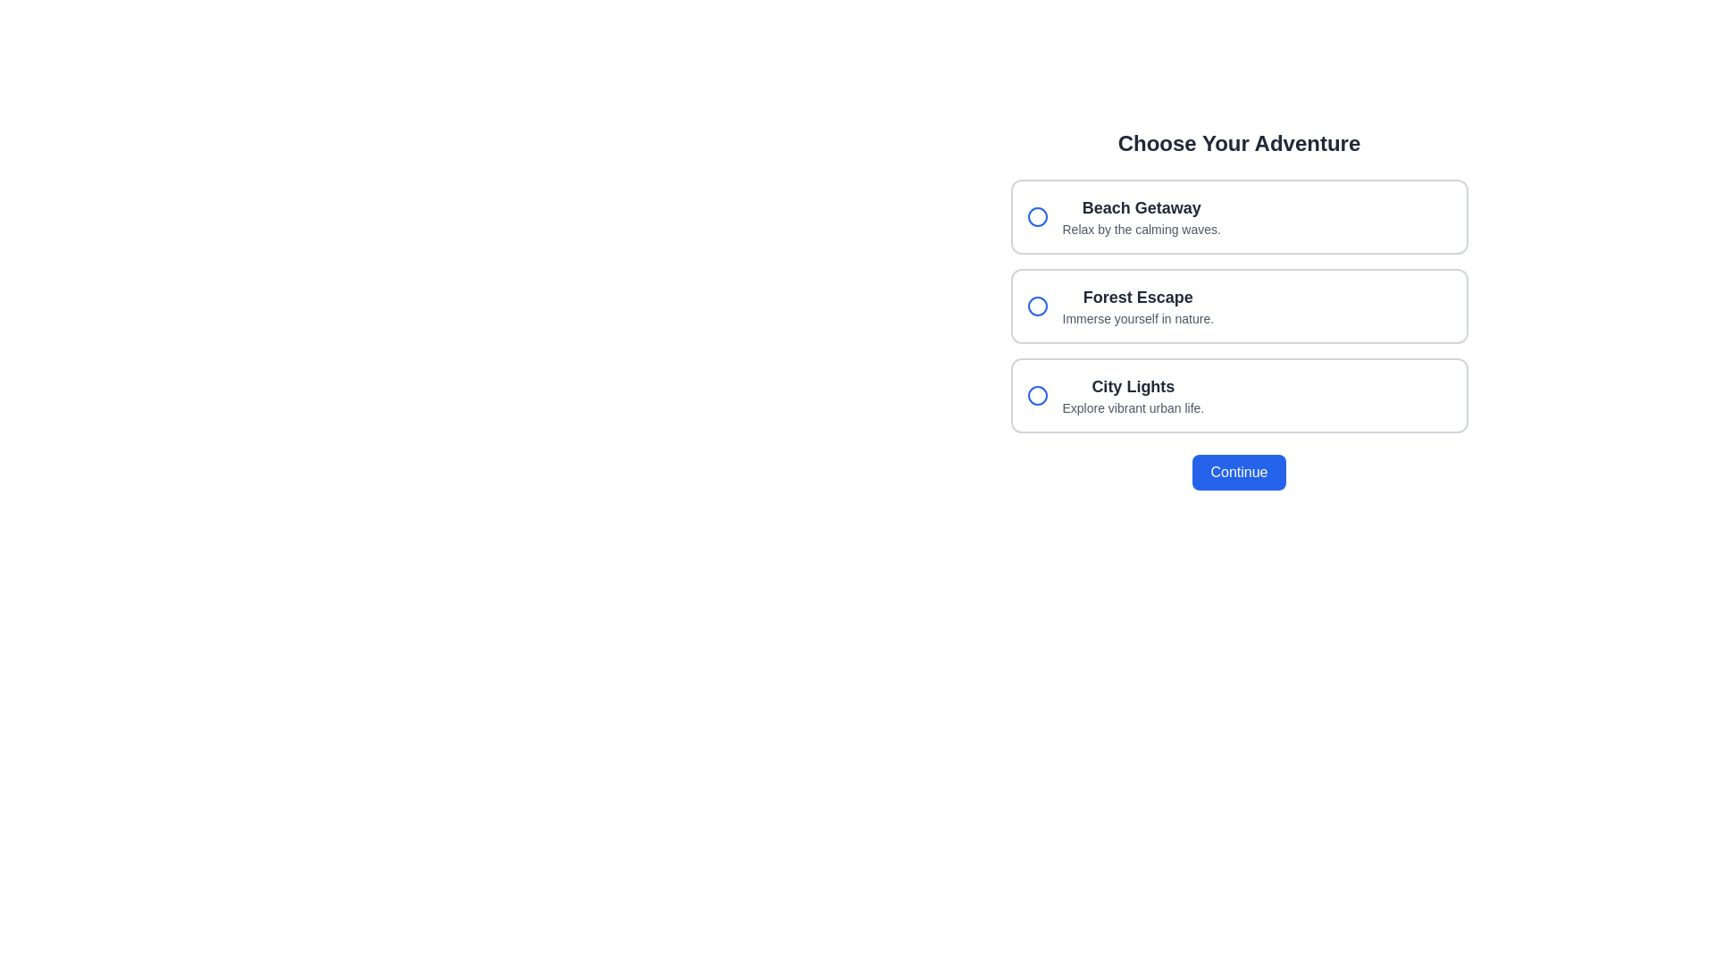 The width and height of the screenshot is (1715, 965). I want to click on the text element displaying 'Relax by the calming waves.' which is located below the 'Beach Getaway' title, so click(1141, 229).